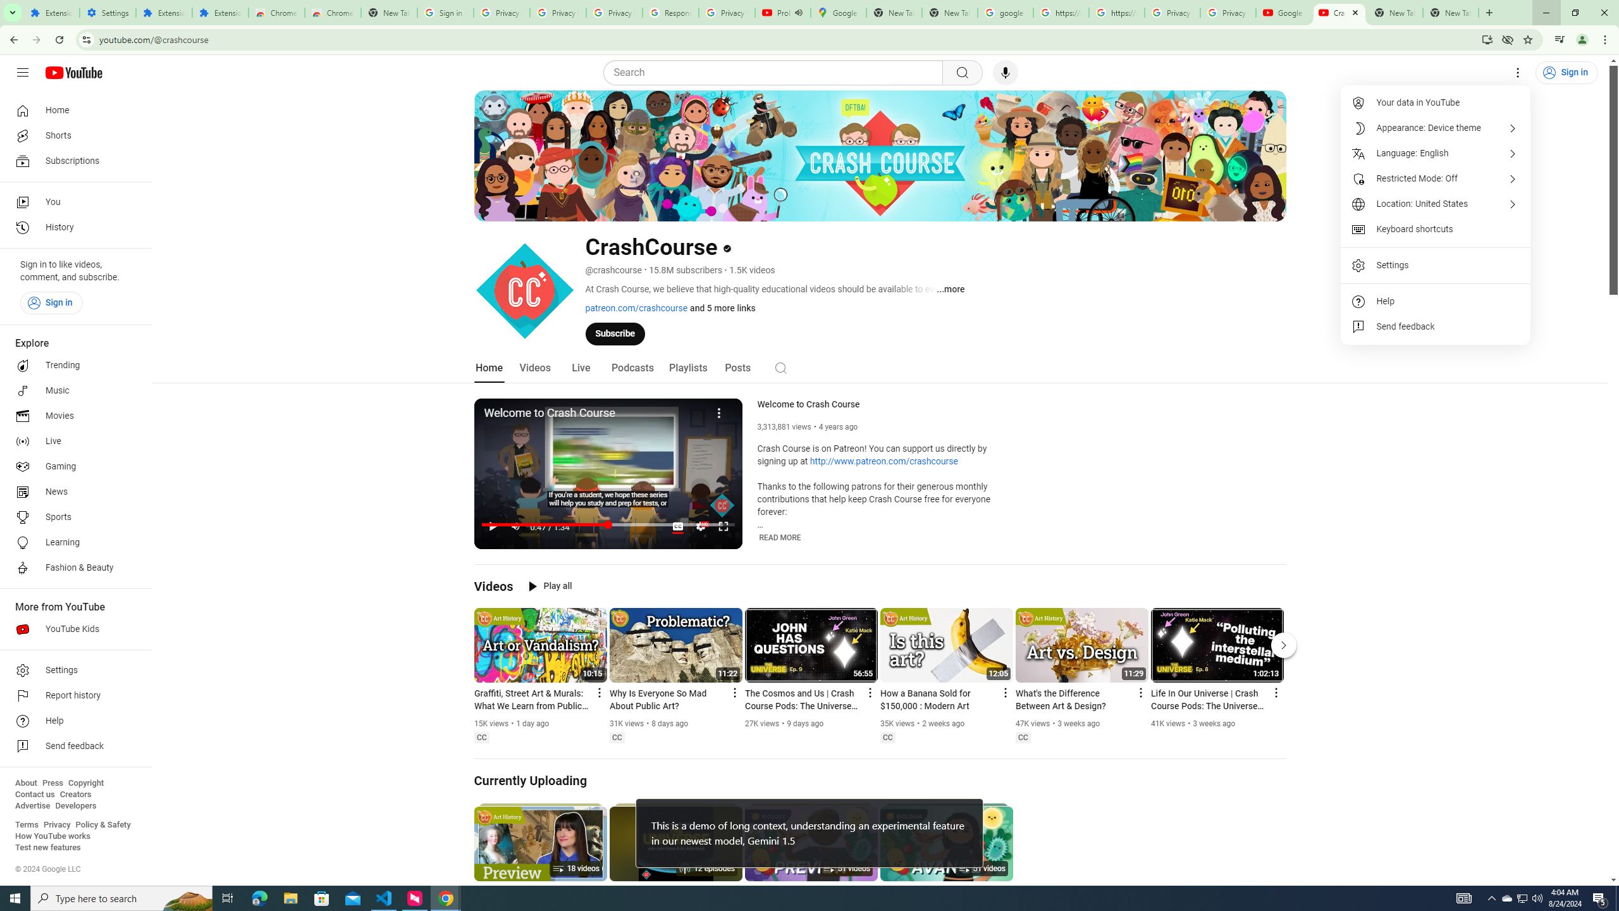  What do you see at coordinates (492, 526) in the screenshot?
I see `'Pause (k)'` at bounding box center [492, 526].